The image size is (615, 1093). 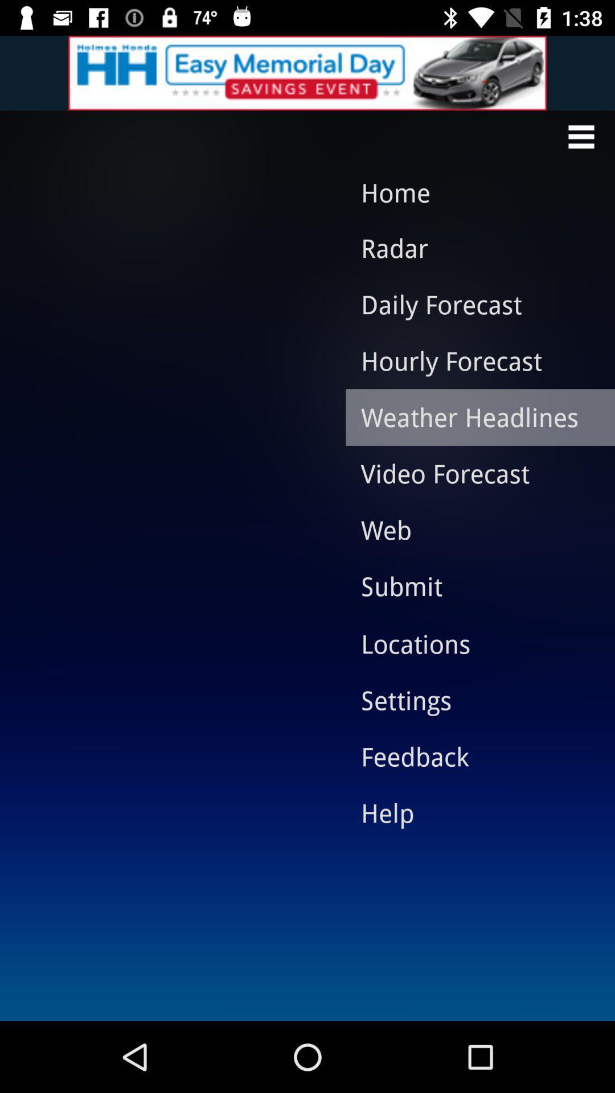 I want to click on the icon above the hourly forecast icon, so click(x=471, y=304).